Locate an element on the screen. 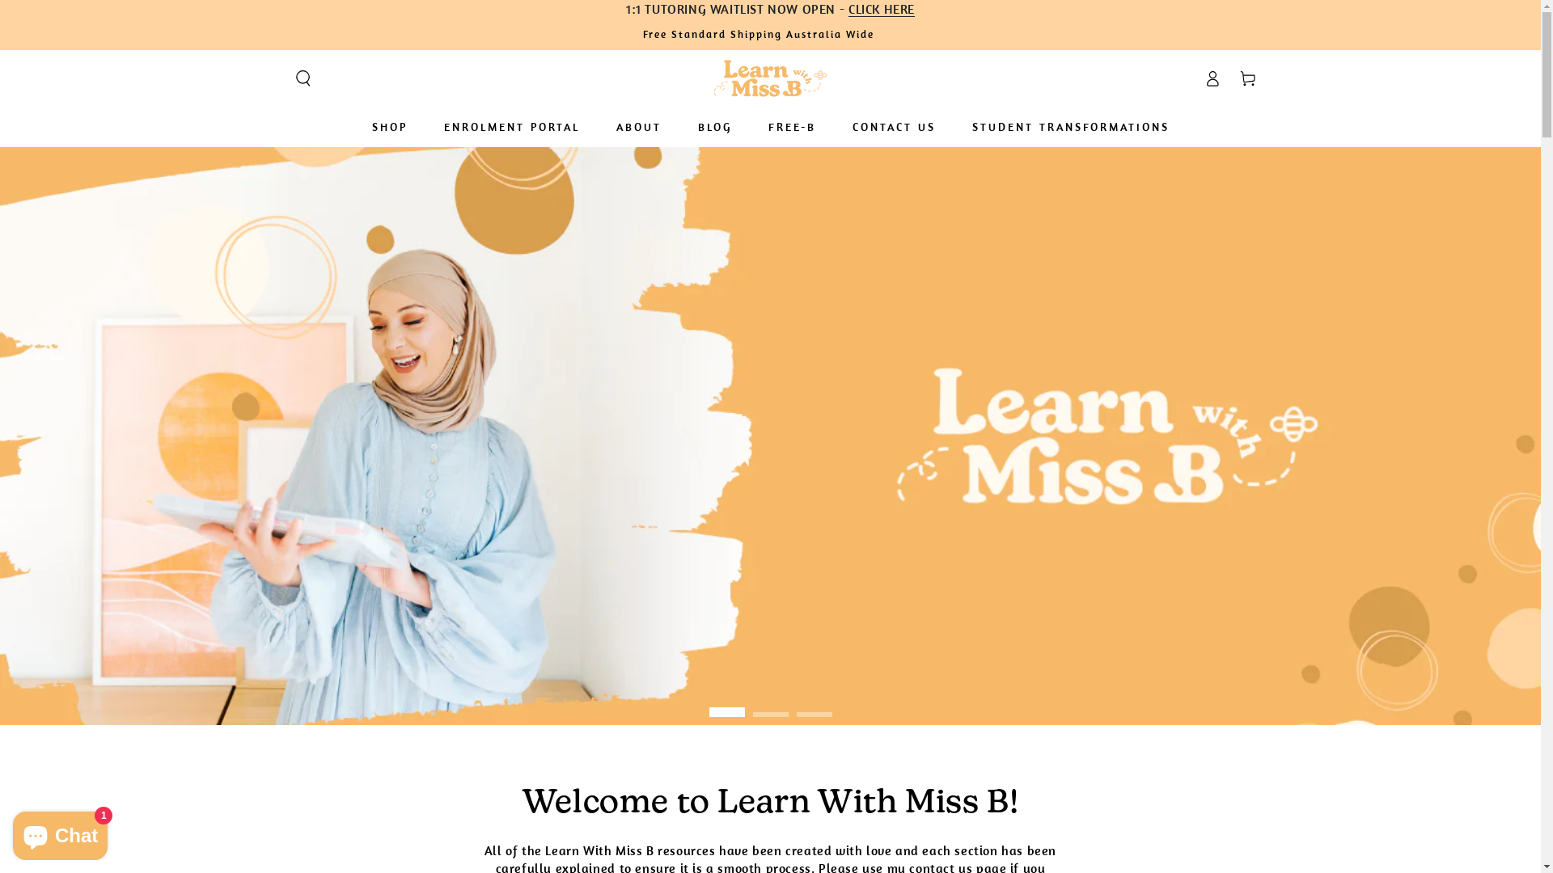 The height and width of the screenshot is (873, 1553). 'Log in' is located at coordinates (1211, 78).